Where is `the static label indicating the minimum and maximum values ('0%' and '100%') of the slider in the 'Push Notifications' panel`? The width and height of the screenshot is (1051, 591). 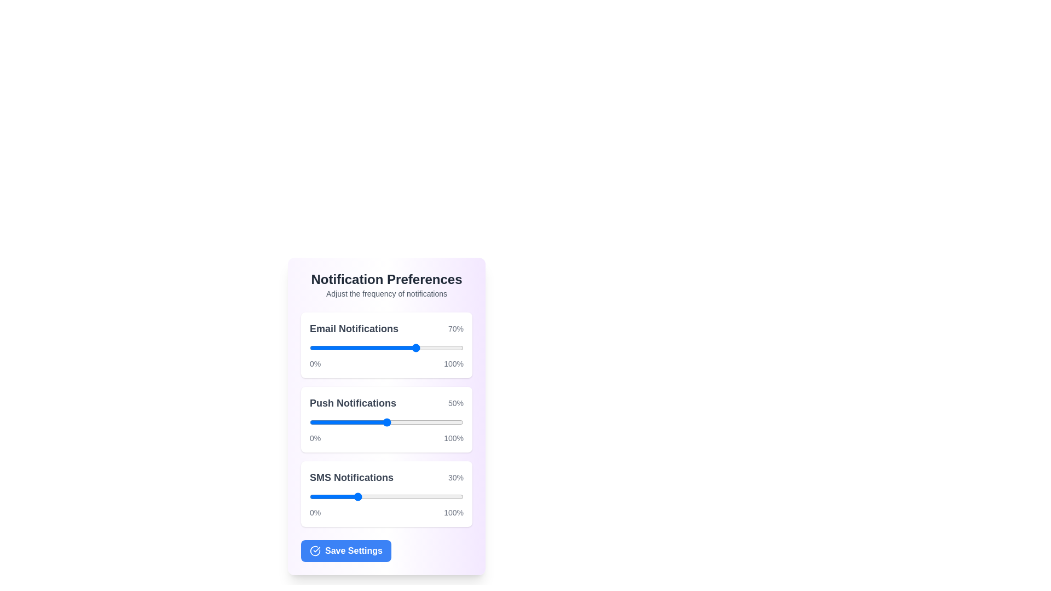 the static label indicating the minimum and maximum values ('0%' and '100%') of the slider in the 'Push Notifications' panel is located at coordinates (386, 438).